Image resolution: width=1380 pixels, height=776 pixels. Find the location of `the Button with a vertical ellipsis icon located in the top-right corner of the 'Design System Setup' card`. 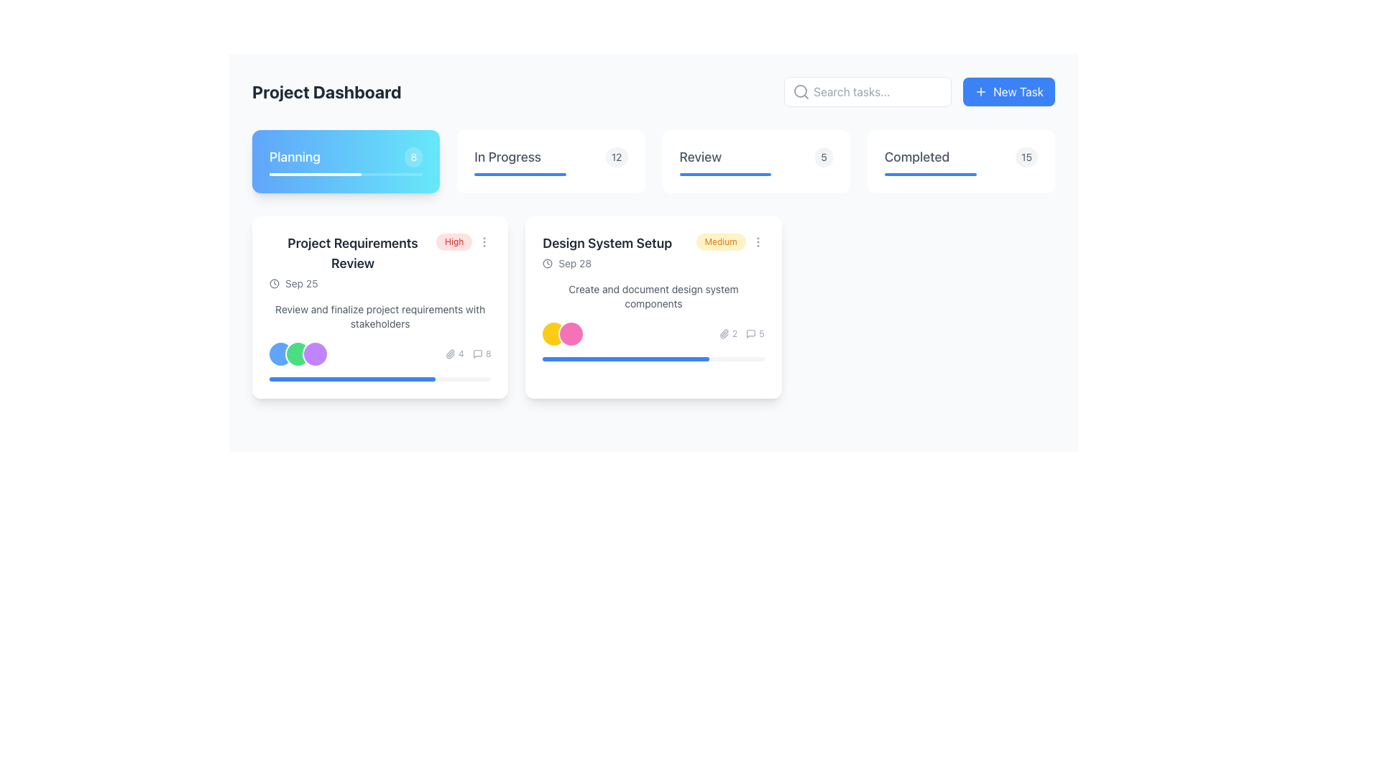

the Button with a vertical ellipsis icon located in the top-right corner of the 'Design System Setup' card is located at coordinates (757, 241).